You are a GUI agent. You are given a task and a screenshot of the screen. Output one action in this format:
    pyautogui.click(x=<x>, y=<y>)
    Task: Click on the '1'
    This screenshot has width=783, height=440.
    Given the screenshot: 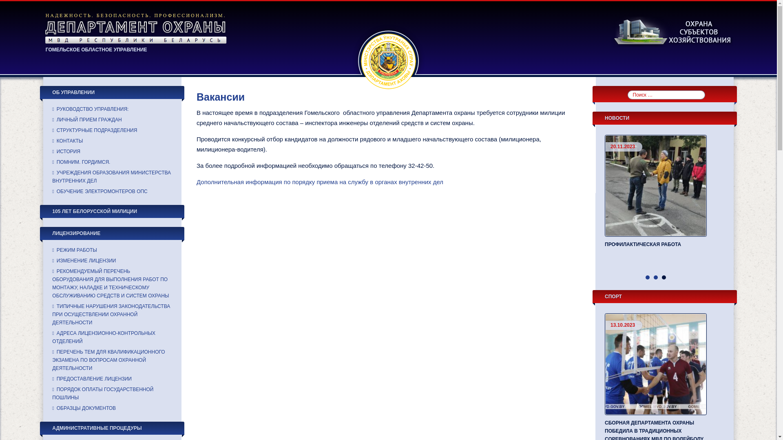 What is the action you would take?
    pyautogui.click(x=645, y=277)
    